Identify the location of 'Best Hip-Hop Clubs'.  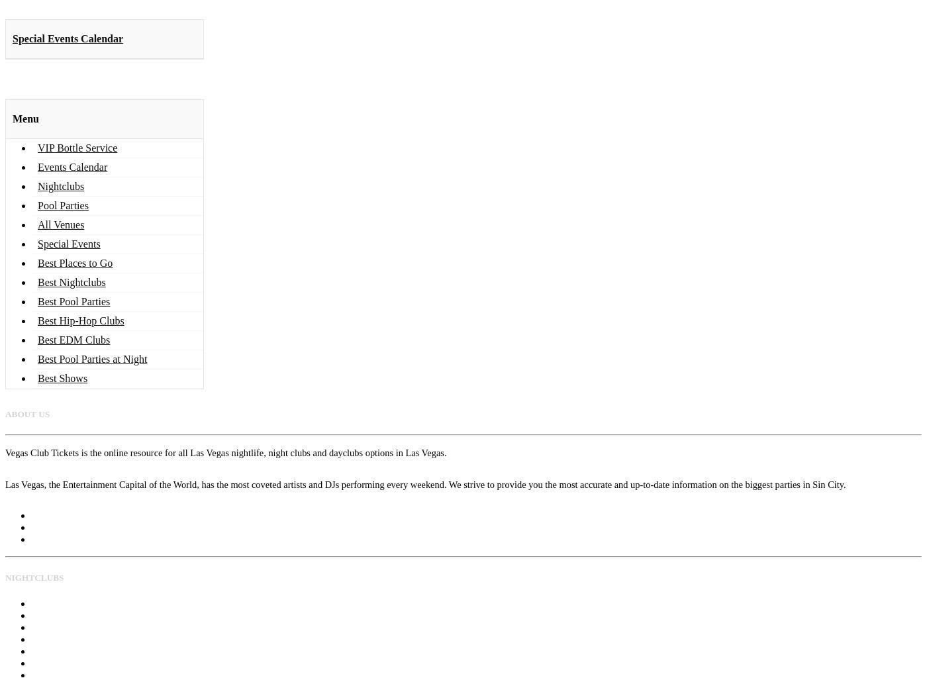
(80, 319).